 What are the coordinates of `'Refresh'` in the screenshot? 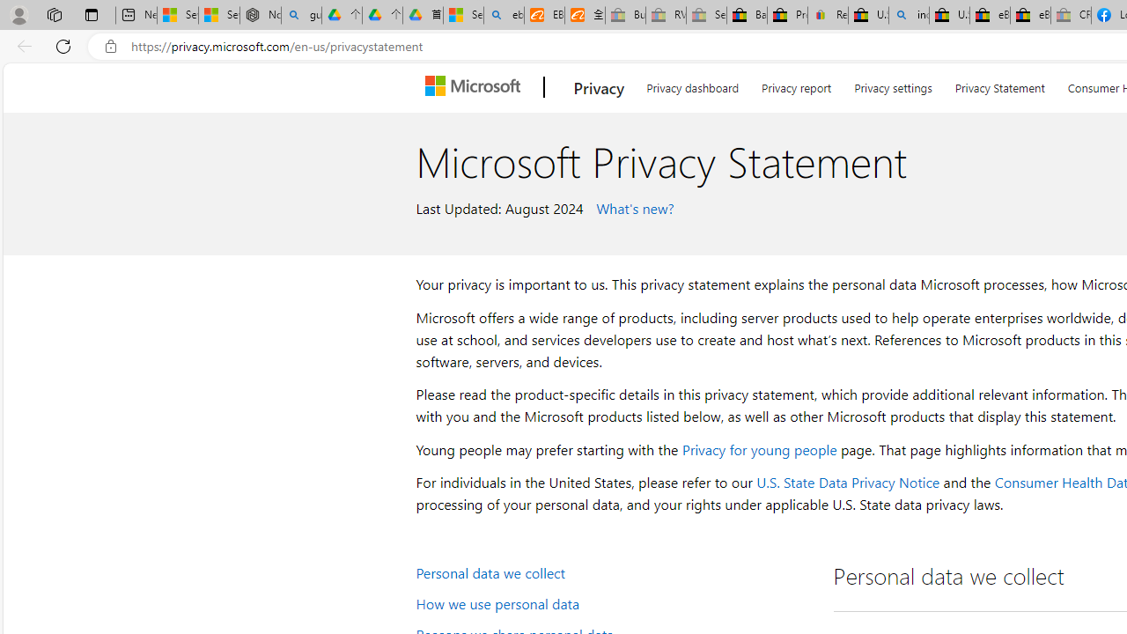 It's located at (63, 45).